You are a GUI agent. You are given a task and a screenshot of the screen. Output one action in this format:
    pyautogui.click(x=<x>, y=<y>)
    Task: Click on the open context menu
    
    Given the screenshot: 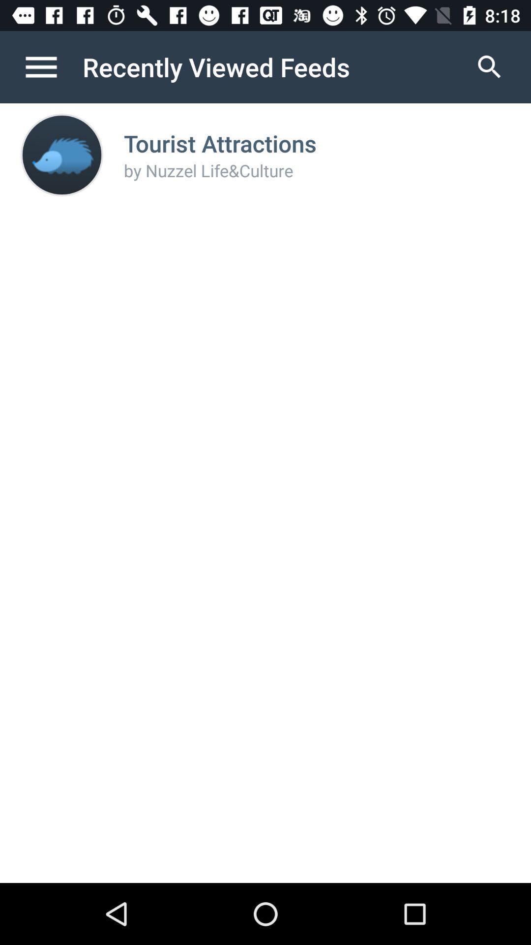 What is the action you would take?
    pyautogui.click(x=51, y=66)
    